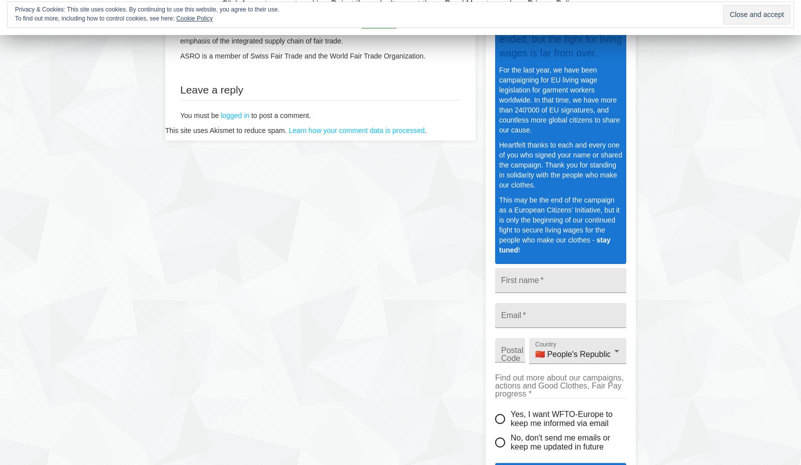  What do you see at coordinates (244, 20) in the screenshot?
I see `'http://www.mdm.ch/spip.php?rubrique14'` at bounding box center [244, 20].